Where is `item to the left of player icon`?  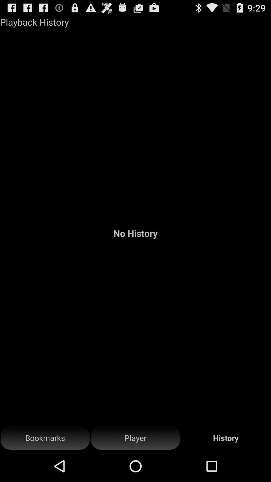
item to the left of player icon is located at coordinates (45, 438).